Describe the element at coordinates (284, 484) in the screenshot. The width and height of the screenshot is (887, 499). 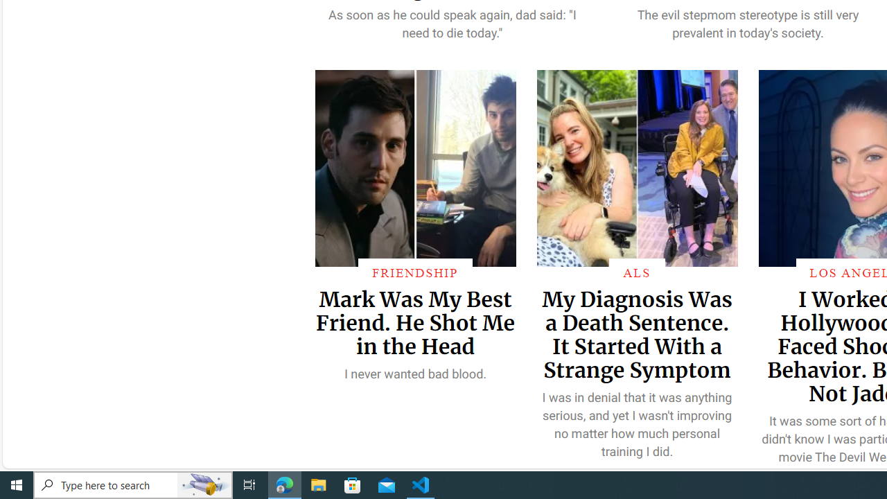
I see `'Microsoft Edge - 1 running window'` at that location.